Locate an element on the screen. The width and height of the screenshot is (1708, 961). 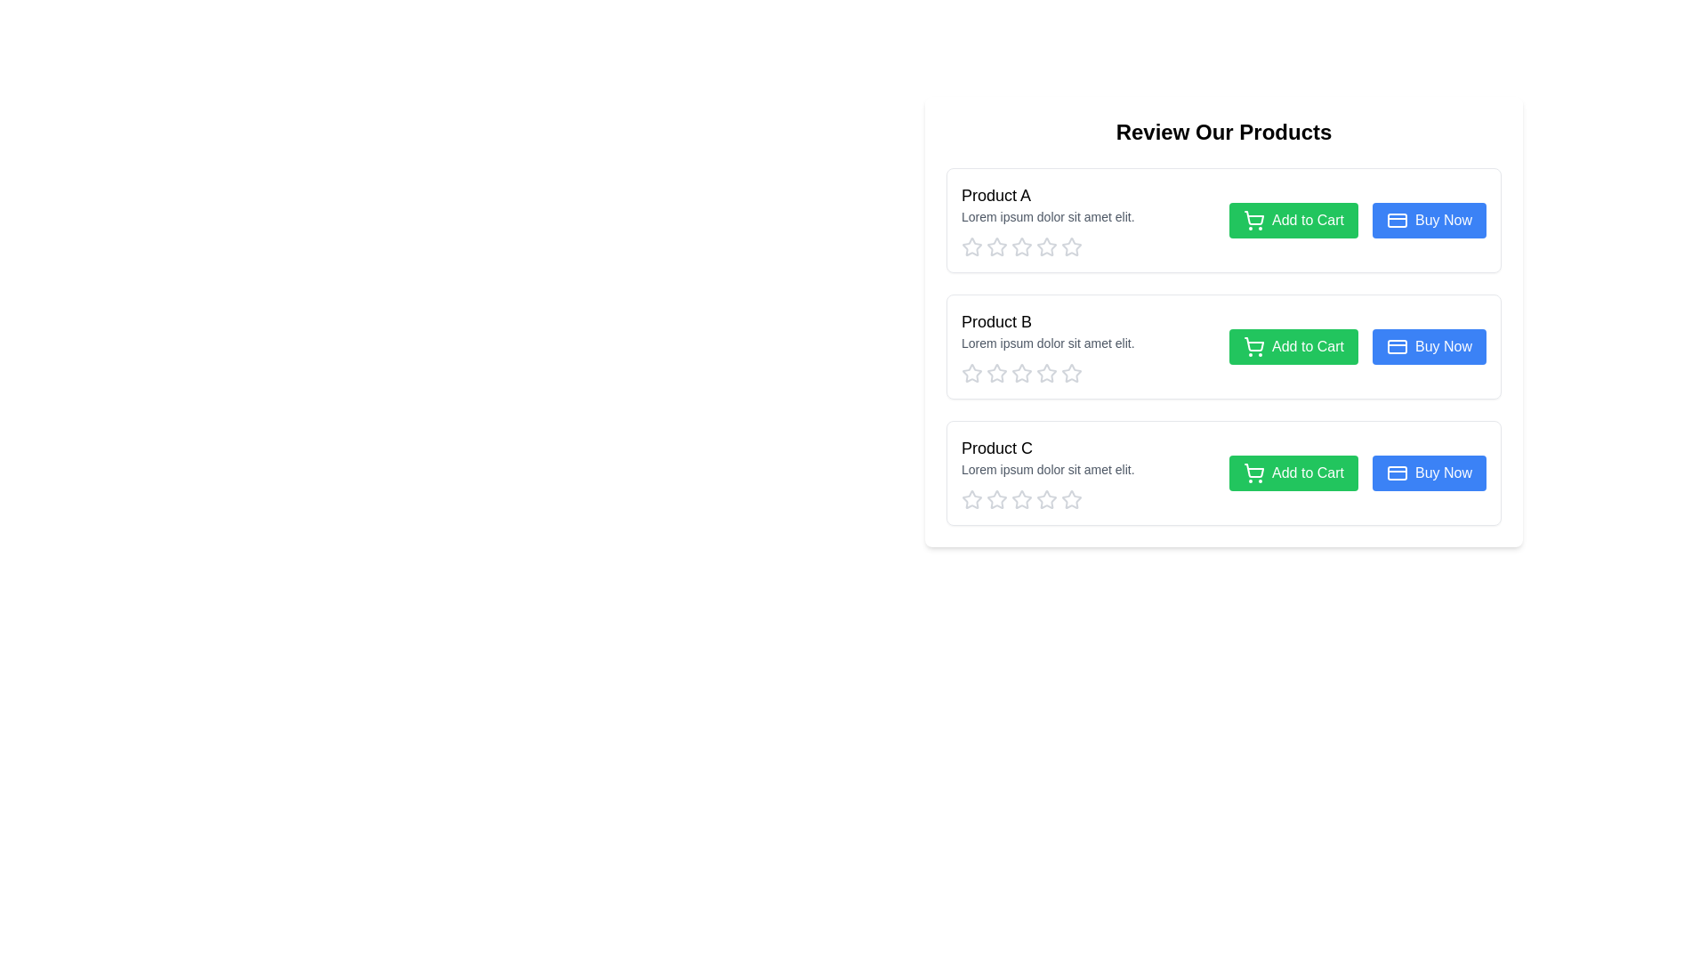
the third star icon in the rating system for 'Product C' is located at coordinates (1070, 499).